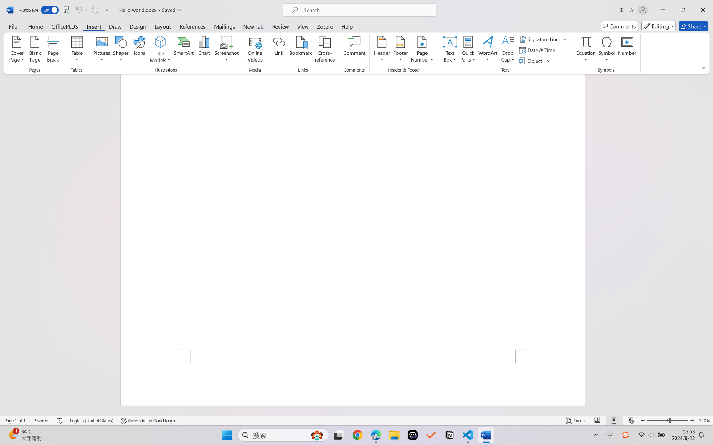  Describe the element at coordinates (15, 420) in the screenshot. I see `'Page Number Page 1 of 1'` at that location.